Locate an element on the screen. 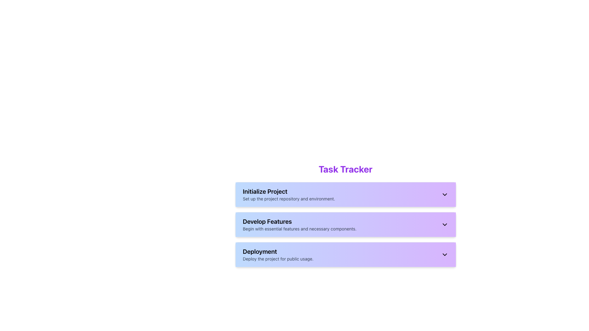 The height and width of the screenshot is (331, 589). the third button in the vertical list, which allows interaction with the 'Deployment' function is located at coordinates (345, 254).